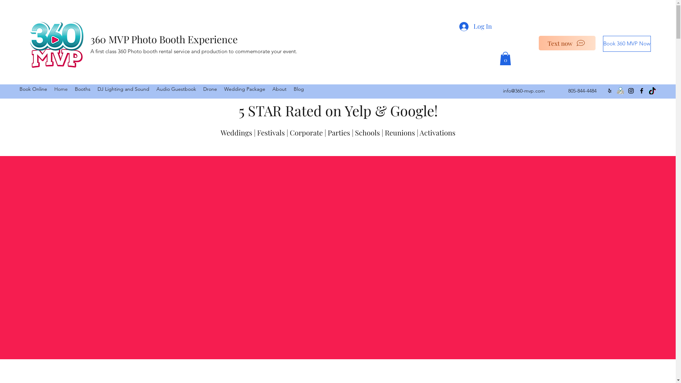  Describe the element at coordinates (279, 88) in the screenshot. I see `'About'` at that location.